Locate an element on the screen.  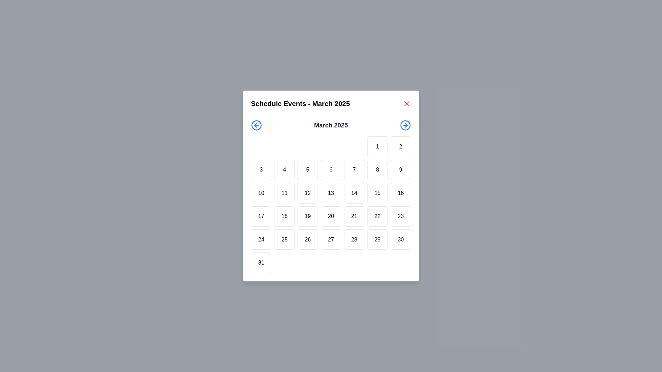
the red cross icon button located at the far right of the header bar labeled 'Schedule Events - March 2025' to indicate interactivity is located at coordinates (407, 103).